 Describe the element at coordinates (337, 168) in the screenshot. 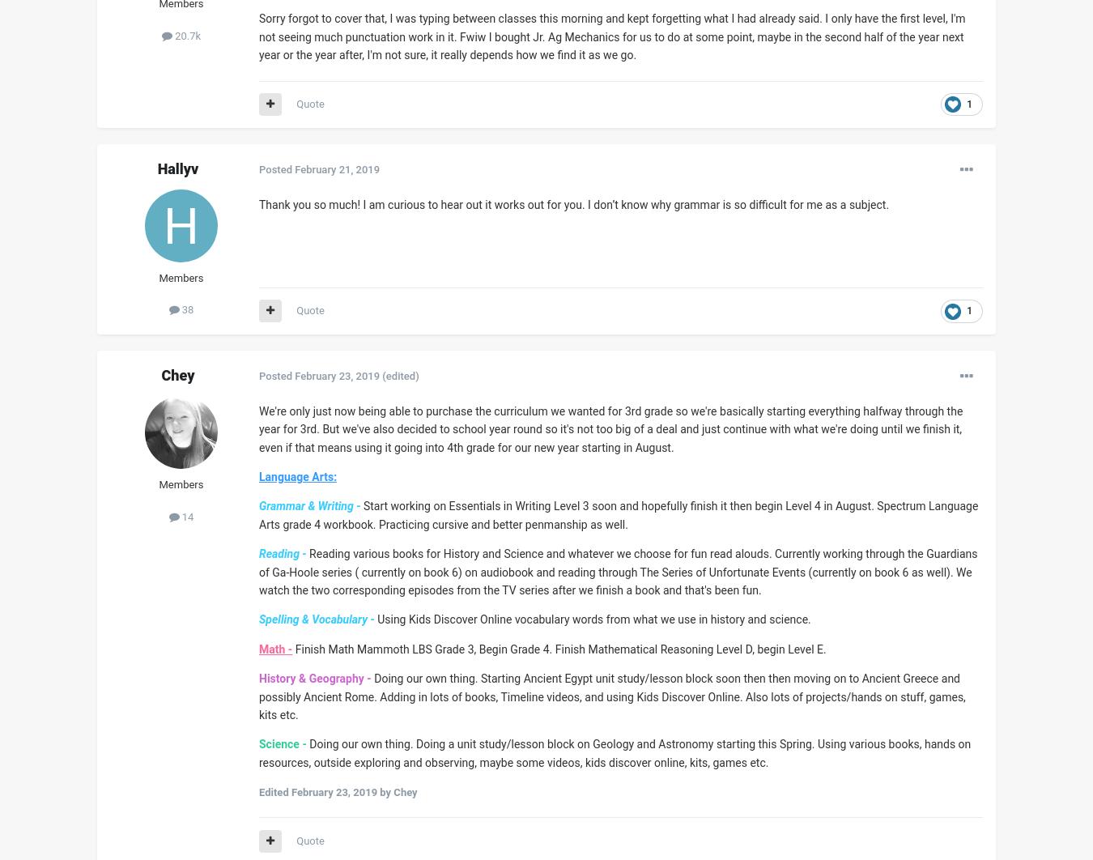

I see `'February 21, 2019'` at that location.